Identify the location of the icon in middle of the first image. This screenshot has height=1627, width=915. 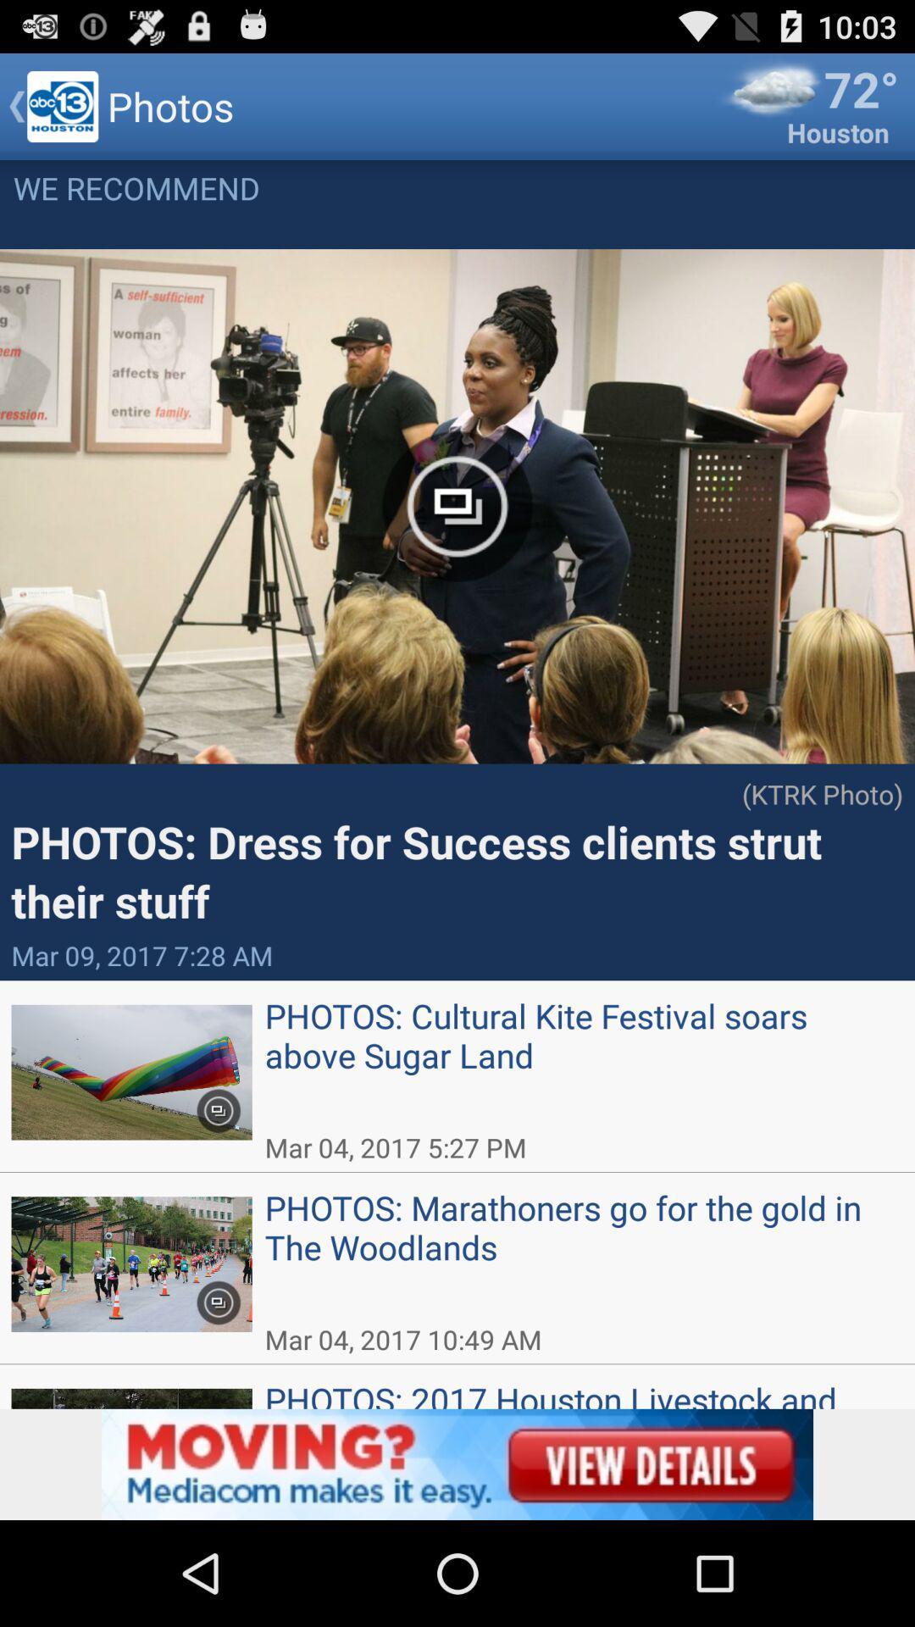
(457, 506).